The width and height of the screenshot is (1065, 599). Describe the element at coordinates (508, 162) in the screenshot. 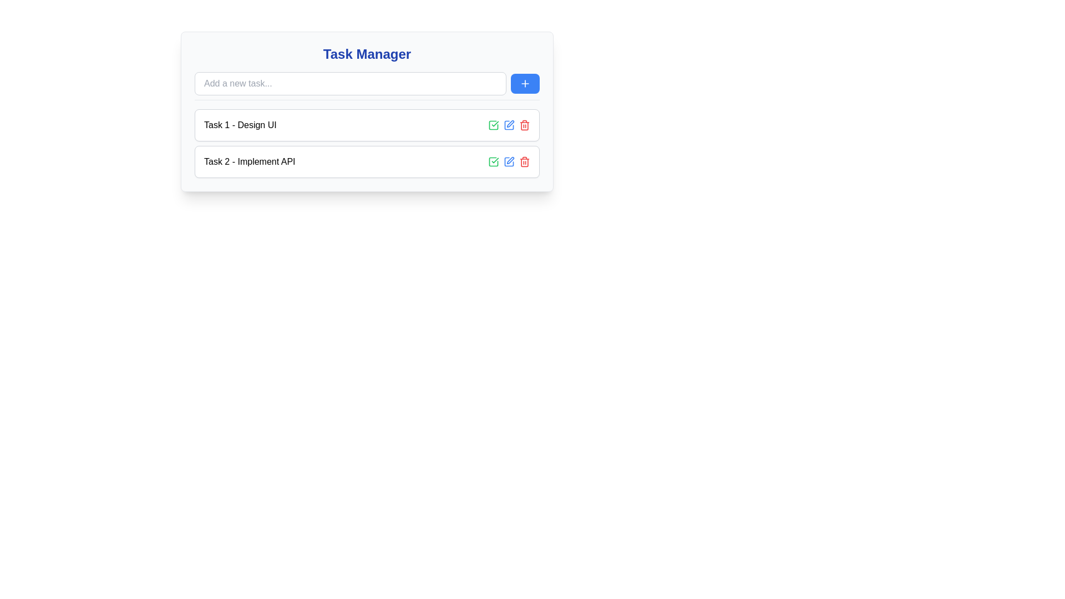

I see `the blue edit icon button representing 'Task 2 - Implement API'` at that location.